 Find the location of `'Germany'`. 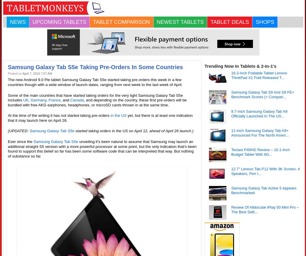

'Germany' is located at coordinates (31, 100).